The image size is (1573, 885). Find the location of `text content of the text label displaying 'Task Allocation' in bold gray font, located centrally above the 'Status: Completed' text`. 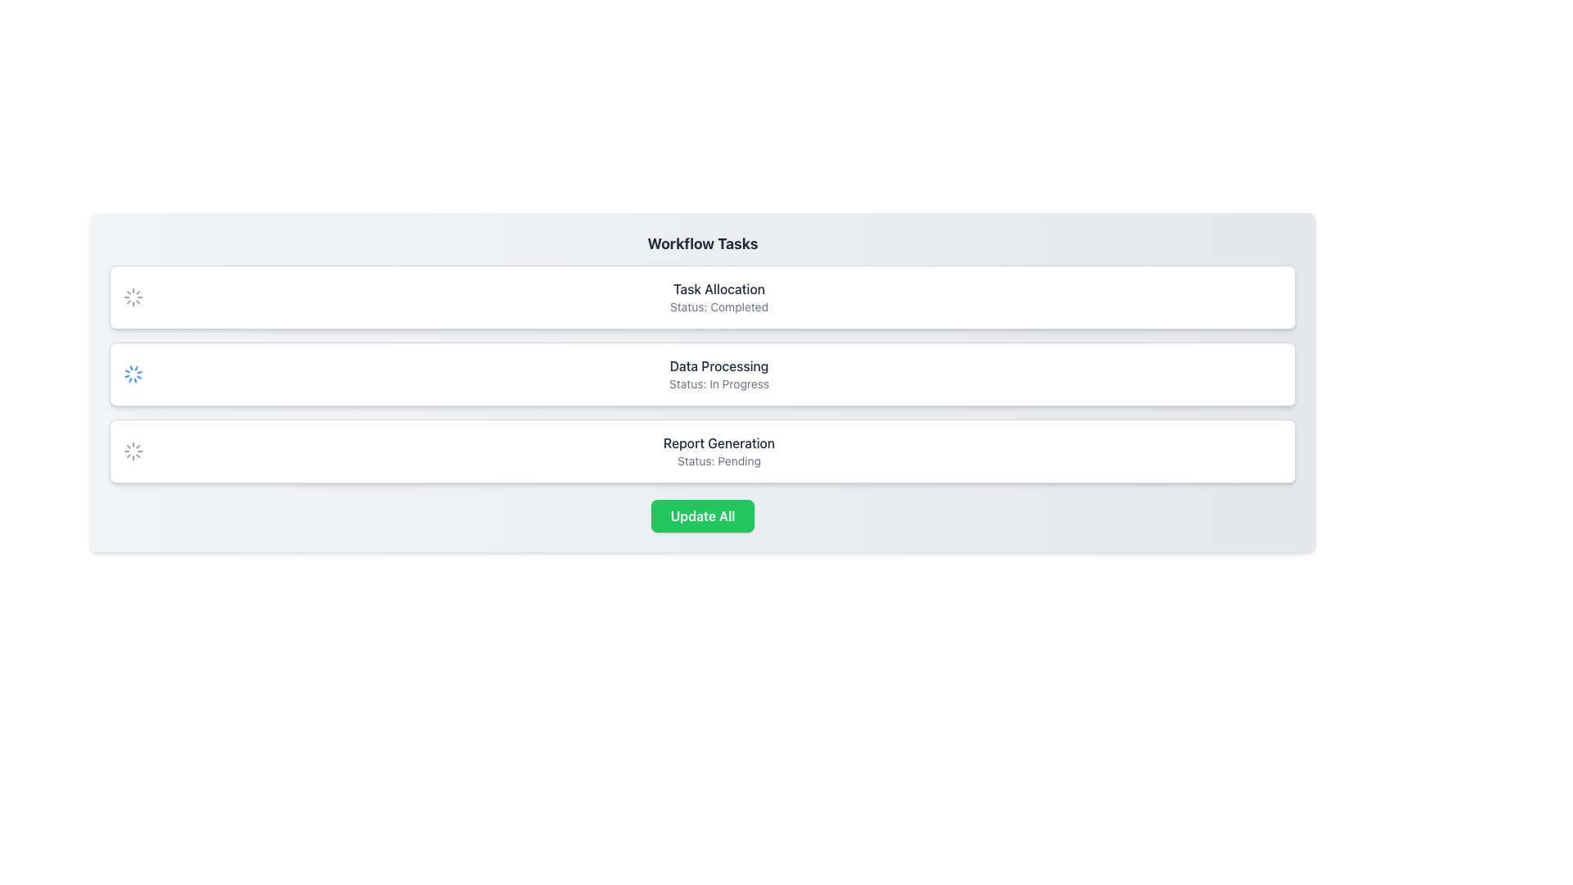

text content of the text label displaying 'Task Allocation' in bold gray font, located centrally above the 'Status: Completed' text is located at coordinates (719, 288).